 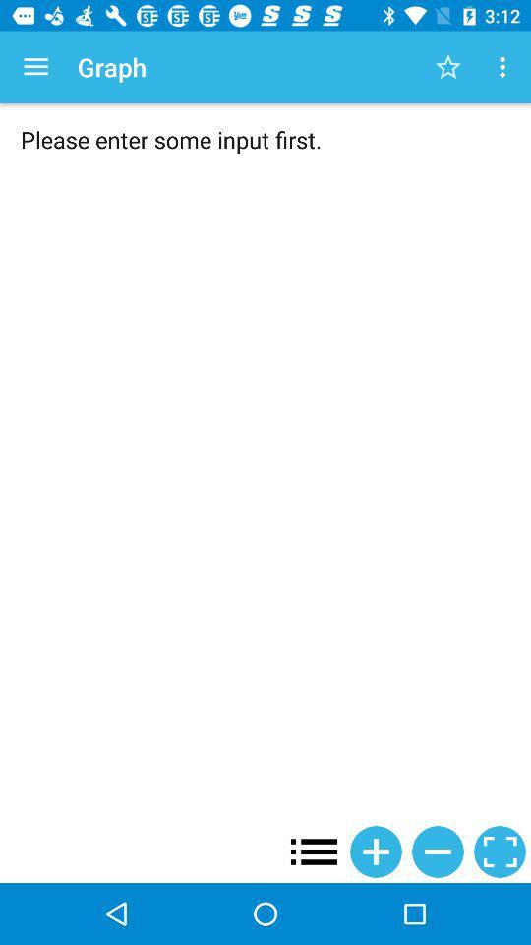 What do you see at coordinates (500, 850) in the screenshot?
I see `the fullscreen icon` at bounding box center [500, 850].